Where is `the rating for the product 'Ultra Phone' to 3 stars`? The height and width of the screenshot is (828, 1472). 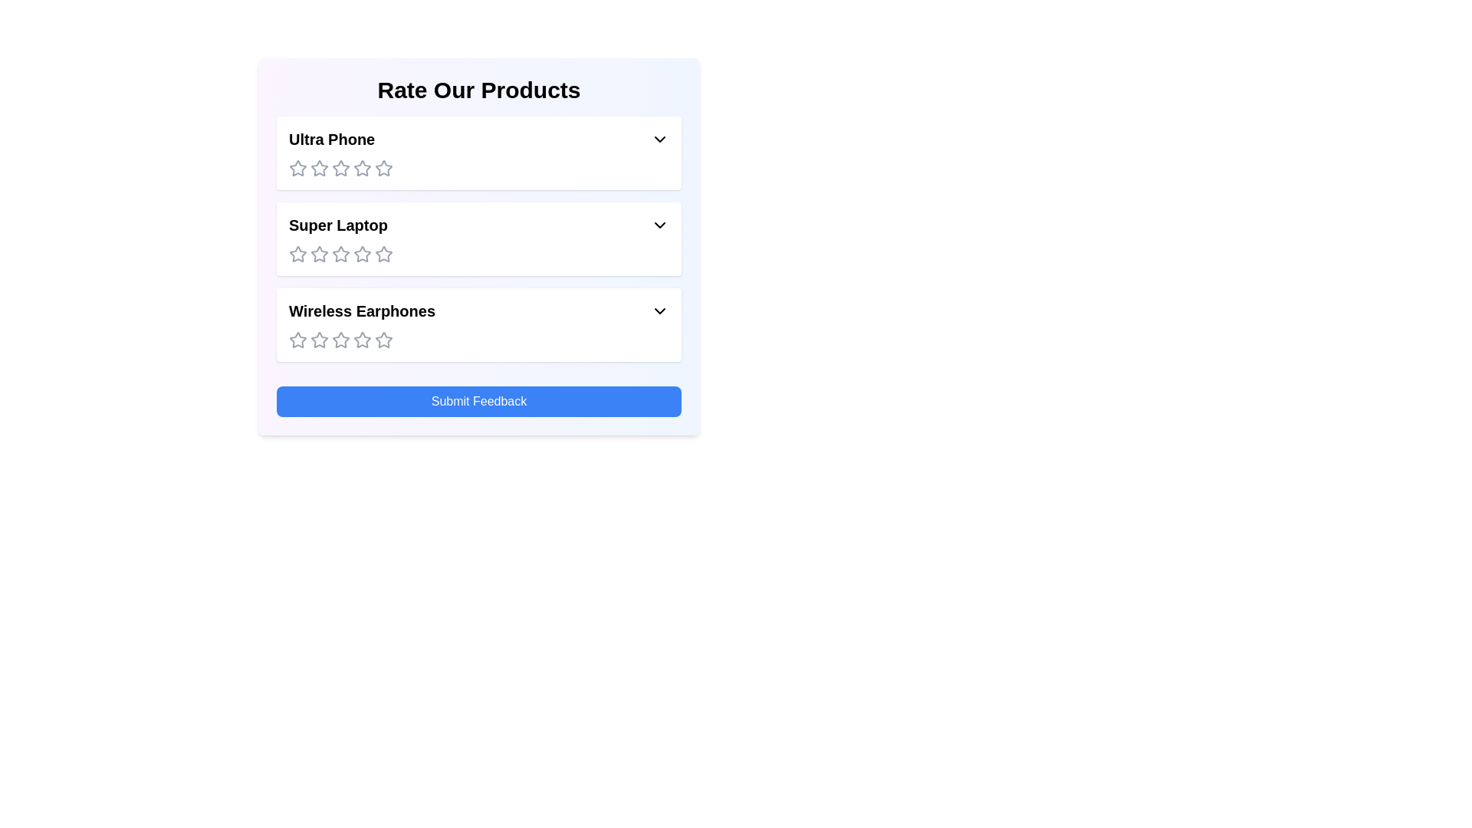 the rating for the product 'Ultra Phone' to 3 stars is located at coordinates (340, 168).